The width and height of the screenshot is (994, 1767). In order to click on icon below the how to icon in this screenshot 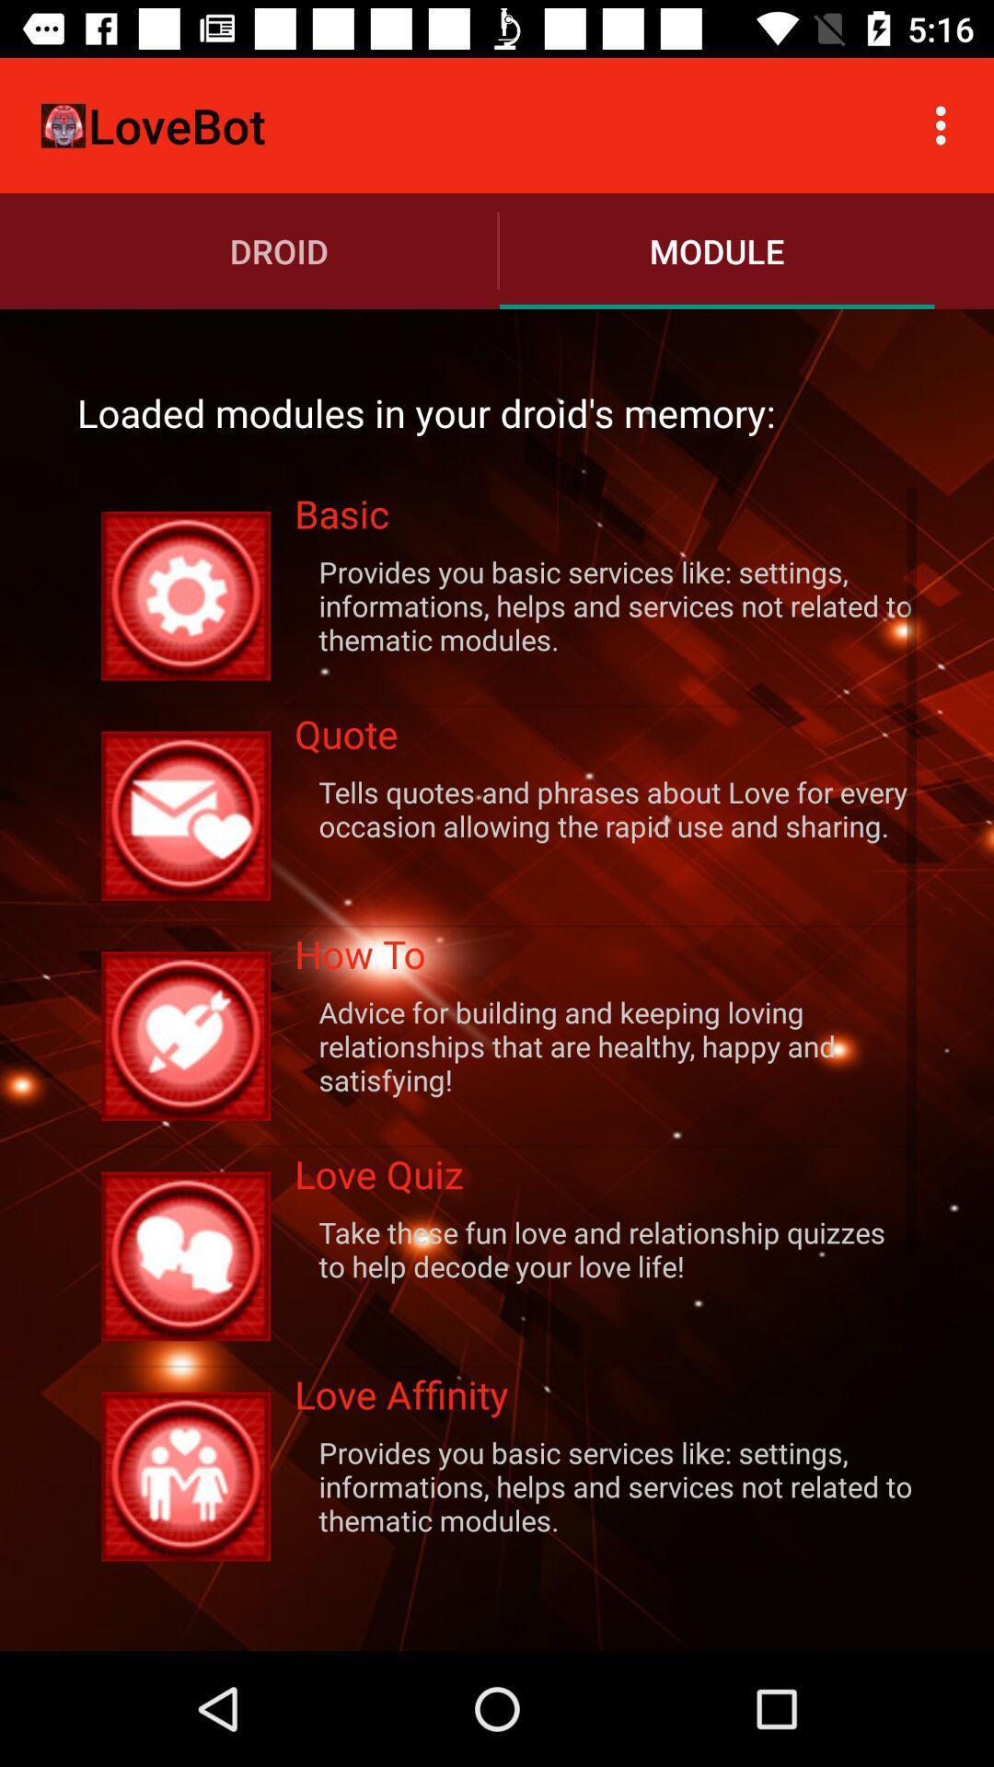, I will do `click(606, 1045)`.